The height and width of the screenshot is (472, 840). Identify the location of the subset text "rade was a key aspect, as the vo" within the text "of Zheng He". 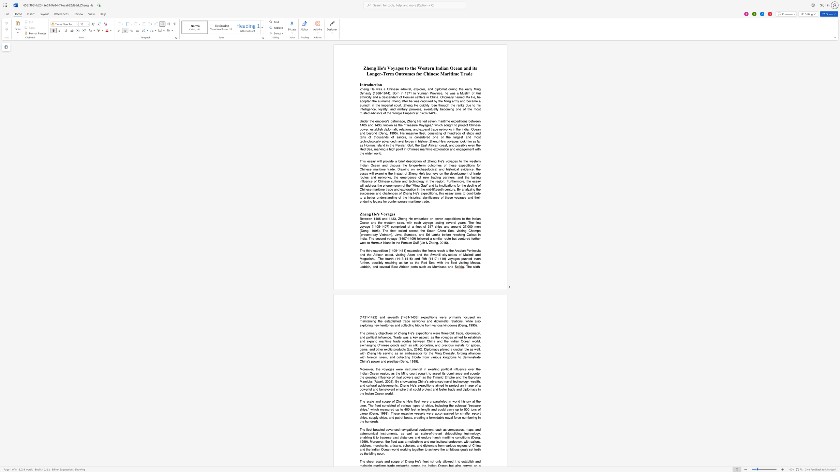
(395, 337).